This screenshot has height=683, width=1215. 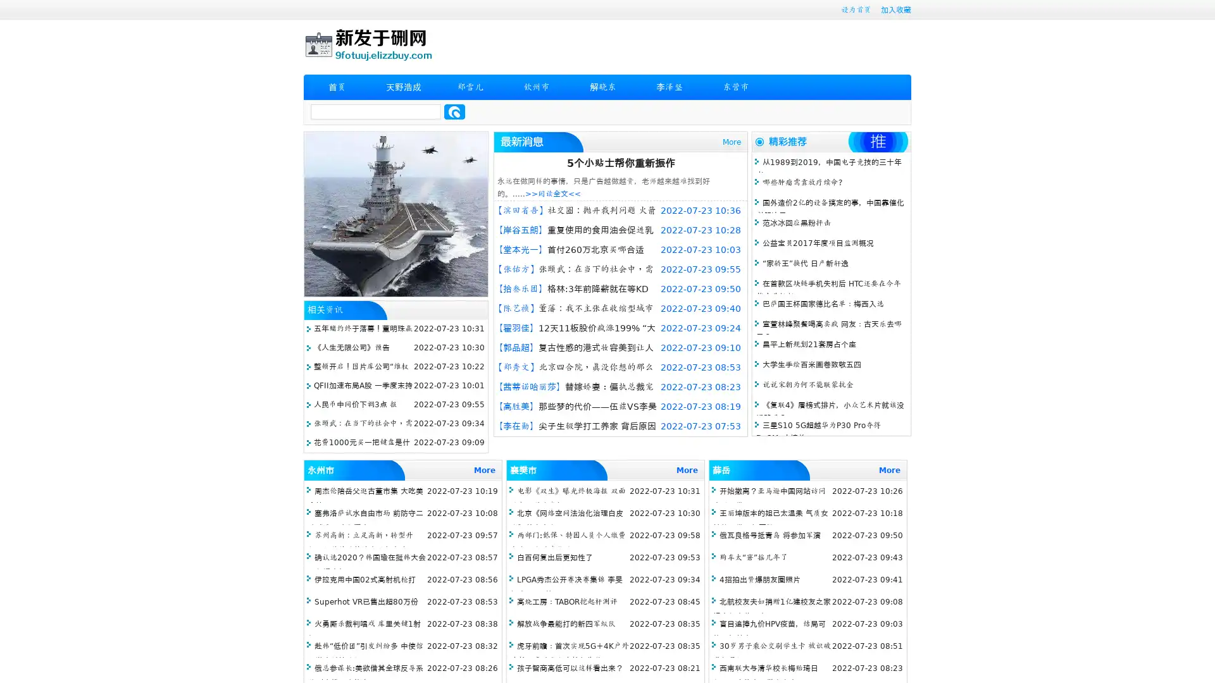 What do you see at coordinates (454, 111) in the screenshot?
I see `Search` at bounding box center [454, 111].